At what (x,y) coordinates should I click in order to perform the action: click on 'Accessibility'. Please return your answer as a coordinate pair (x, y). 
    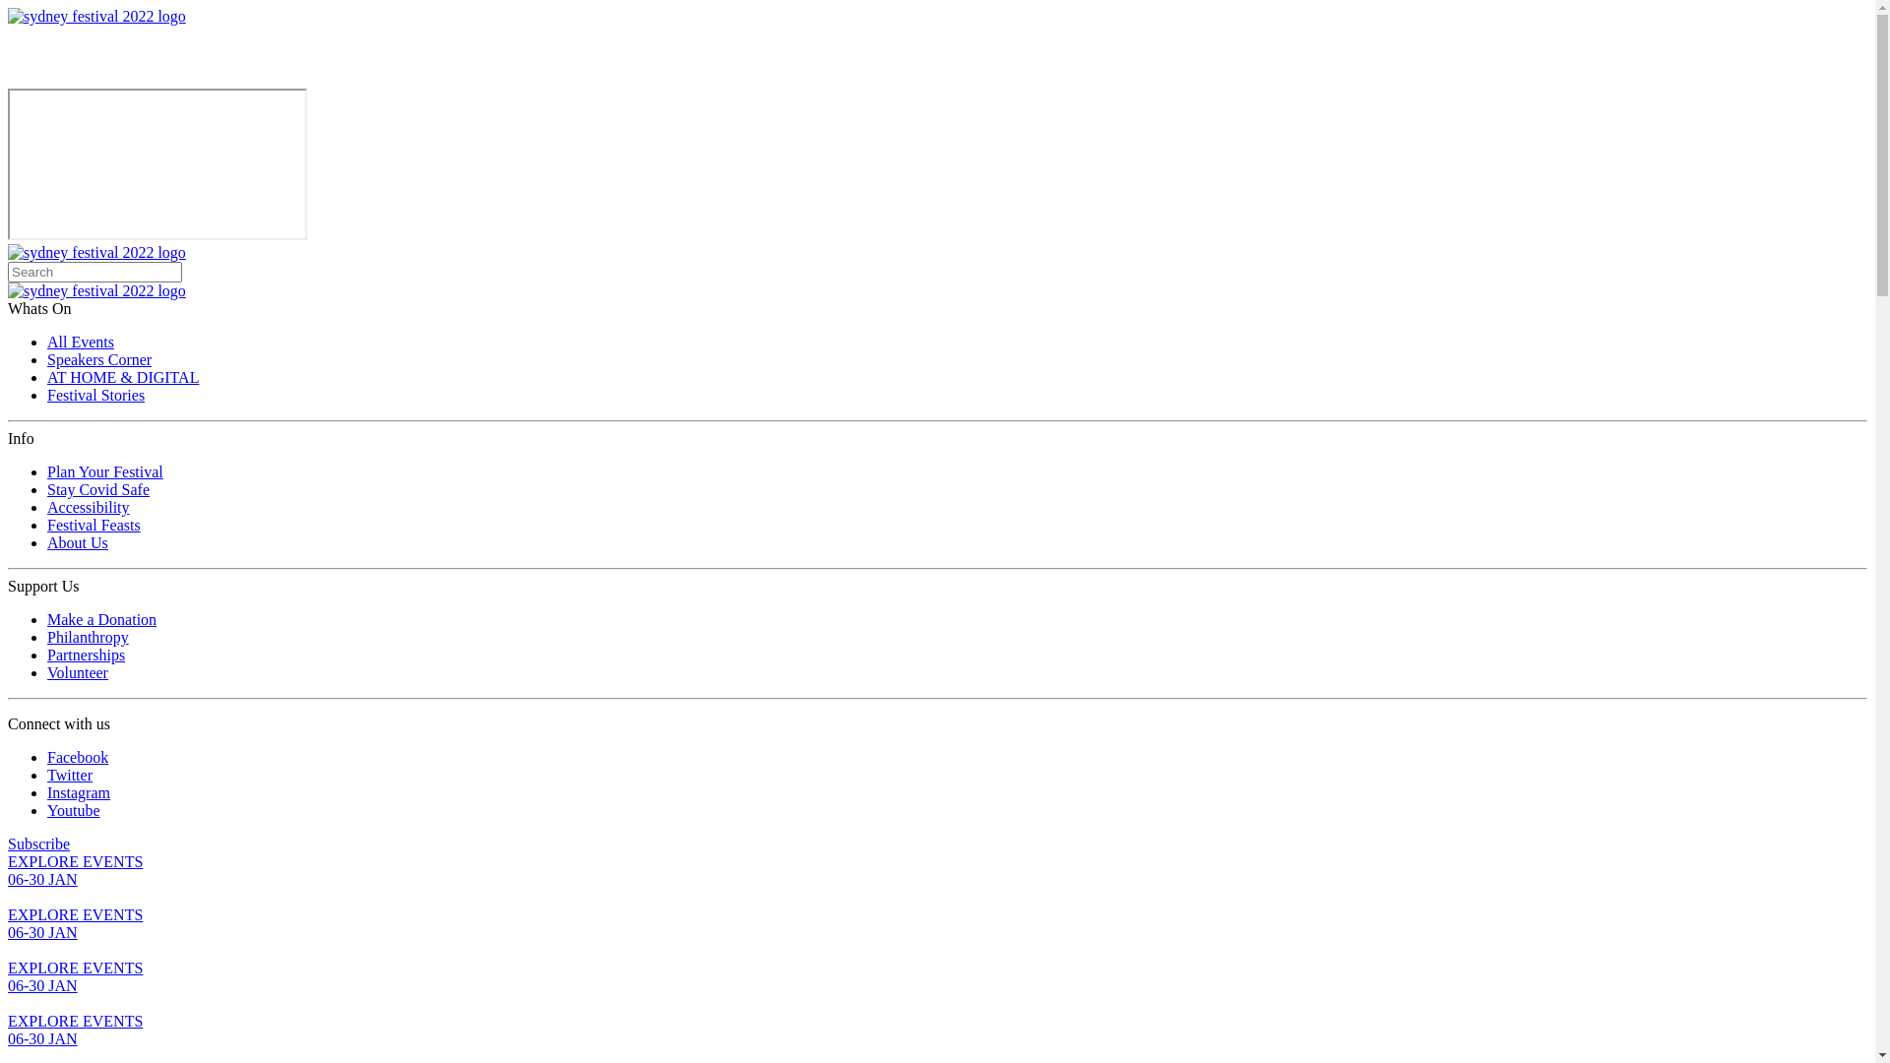
    Looking at the image, I should click on (88, 506).